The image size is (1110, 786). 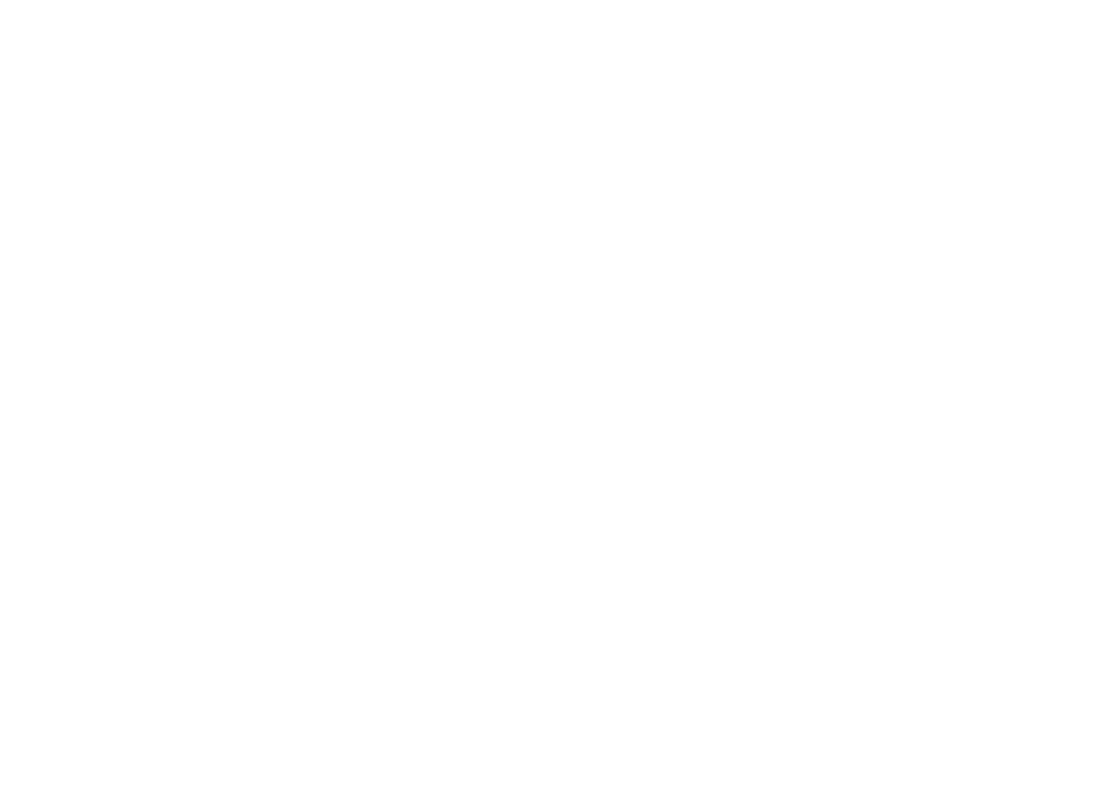 I want to click on '138, rue Villeneuve Ouest, Montreal, QC H2T 2R5', so click(x=148, y=72).